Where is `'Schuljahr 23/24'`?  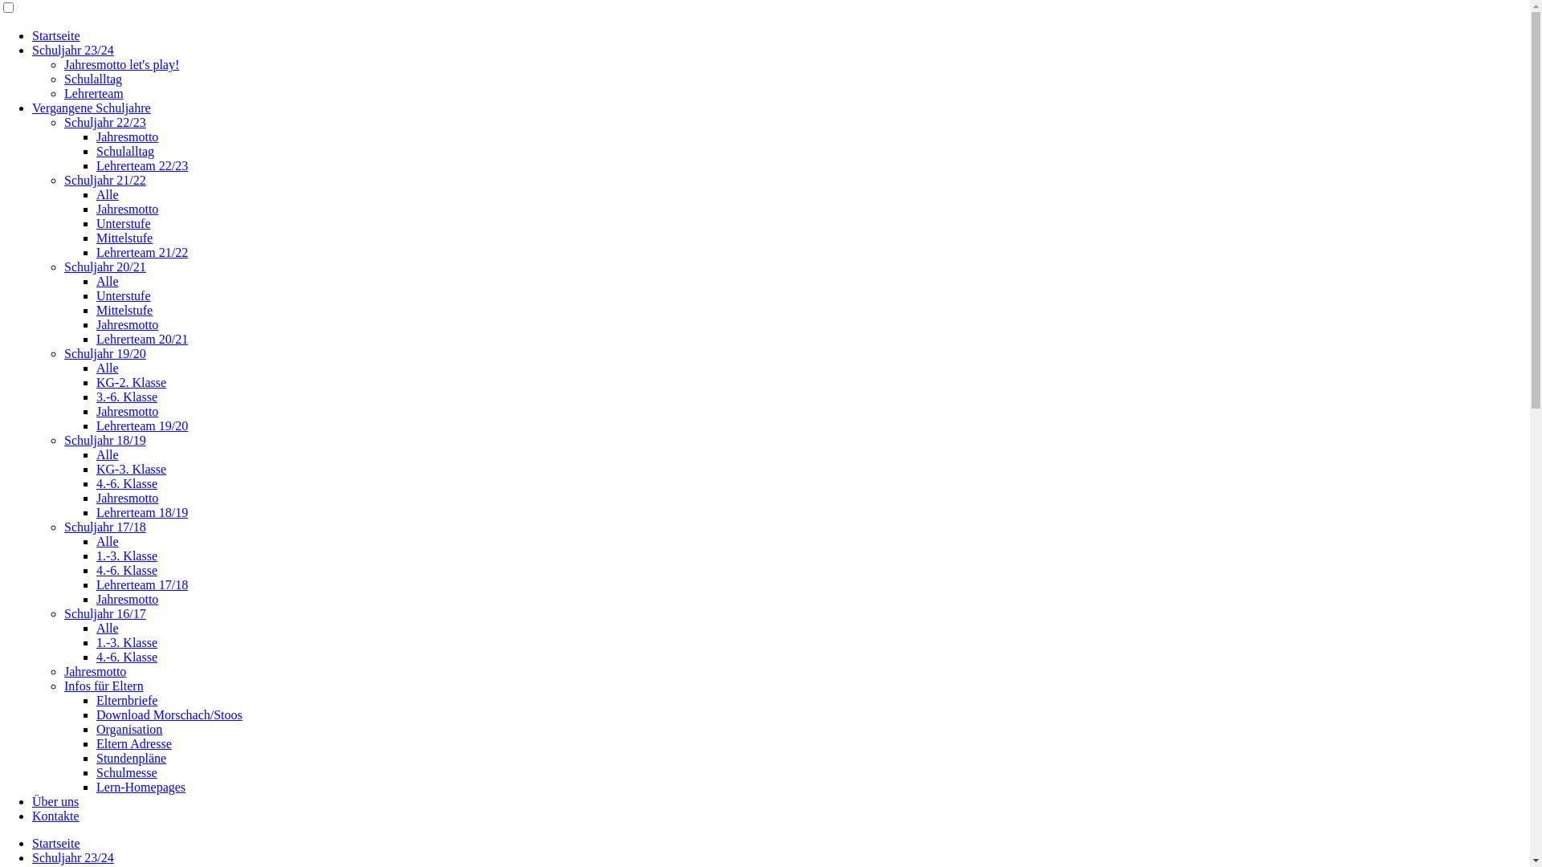 'Schuljahr 23/24' is located at coordinates (72, 857).